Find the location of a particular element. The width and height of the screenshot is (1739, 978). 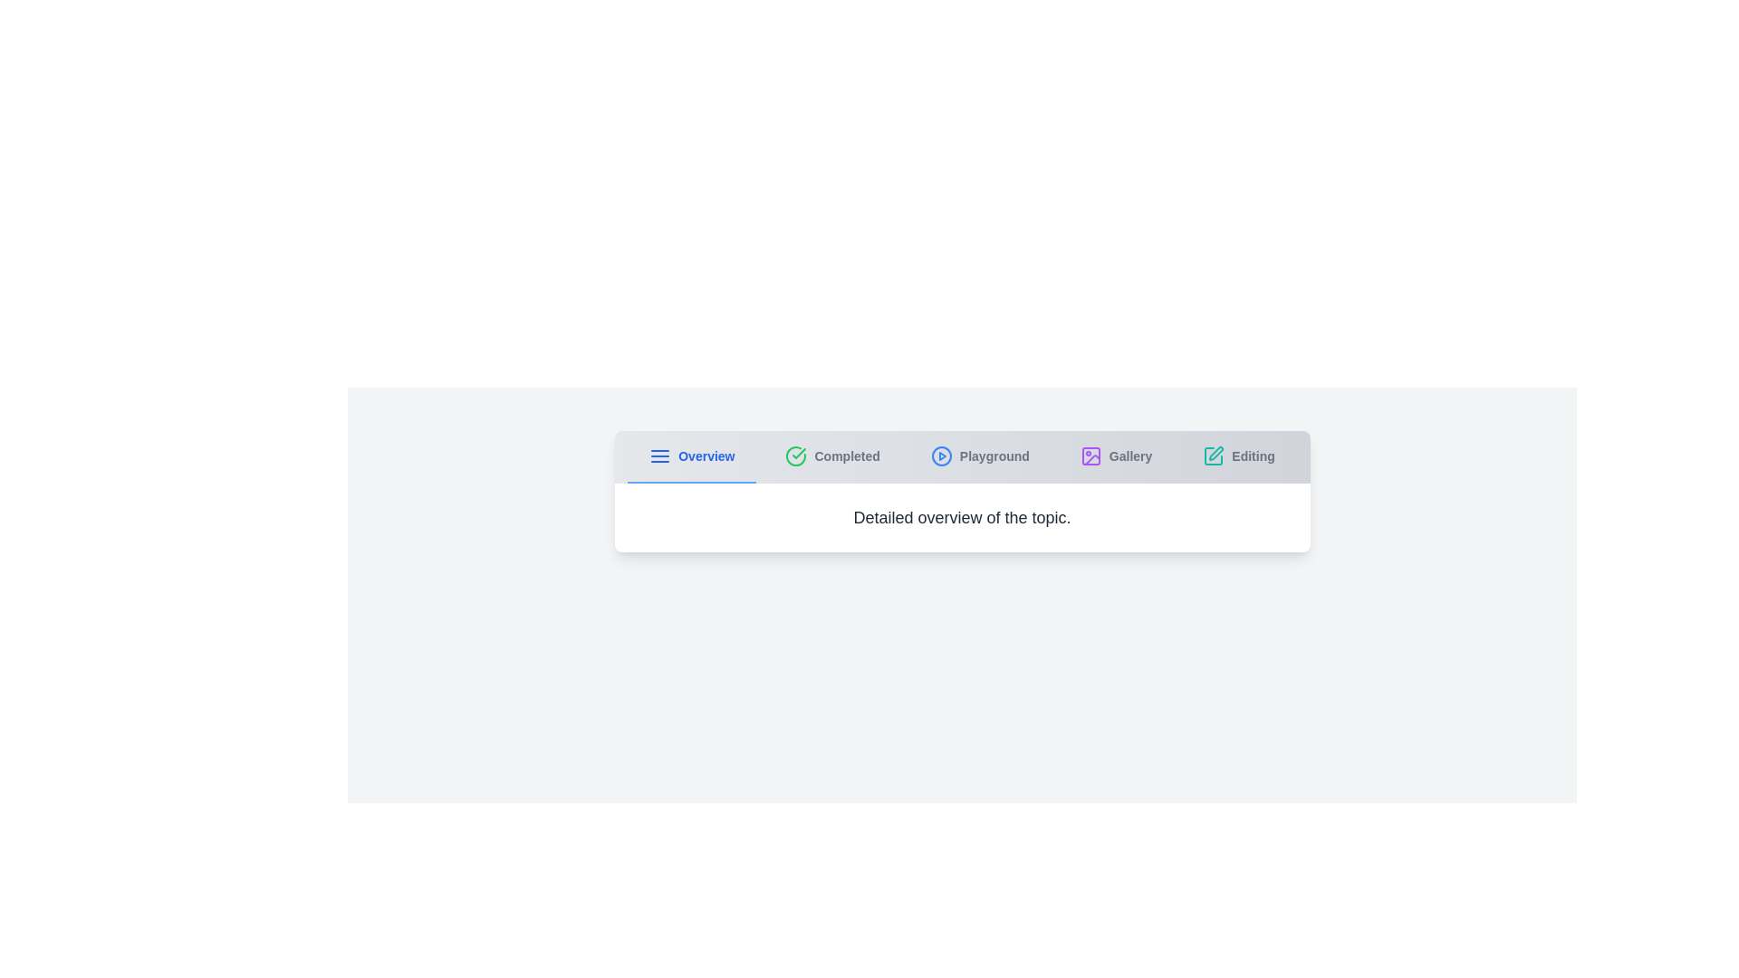

the tab labeled 'Playground' to view its content is located at coordinates (979, 456).